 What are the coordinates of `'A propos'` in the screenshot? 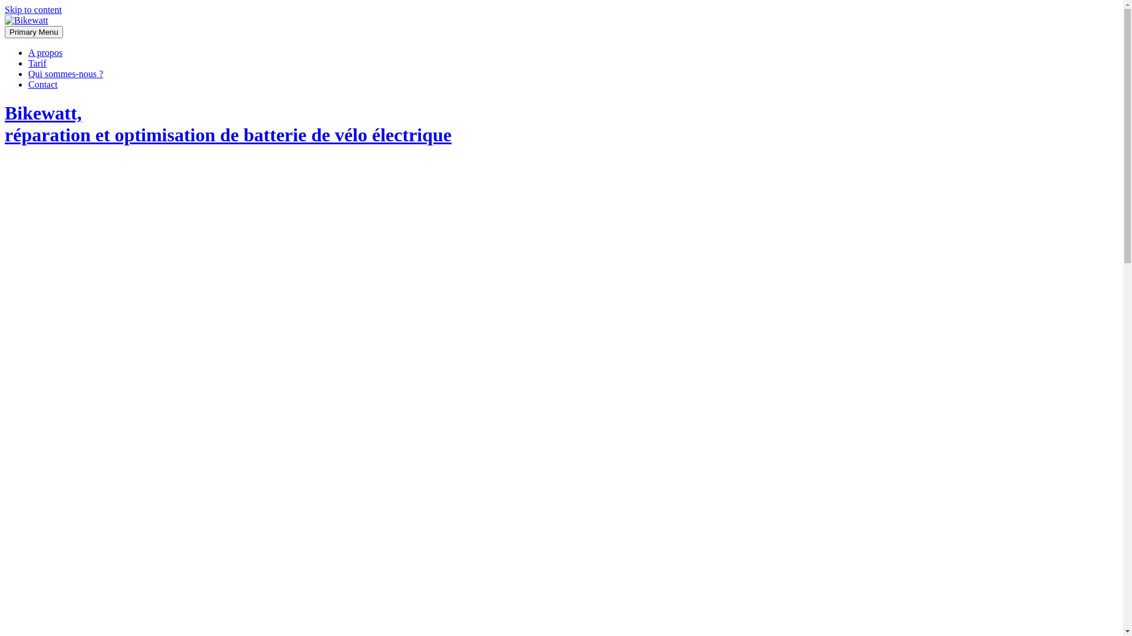 It's located at (45, 52).